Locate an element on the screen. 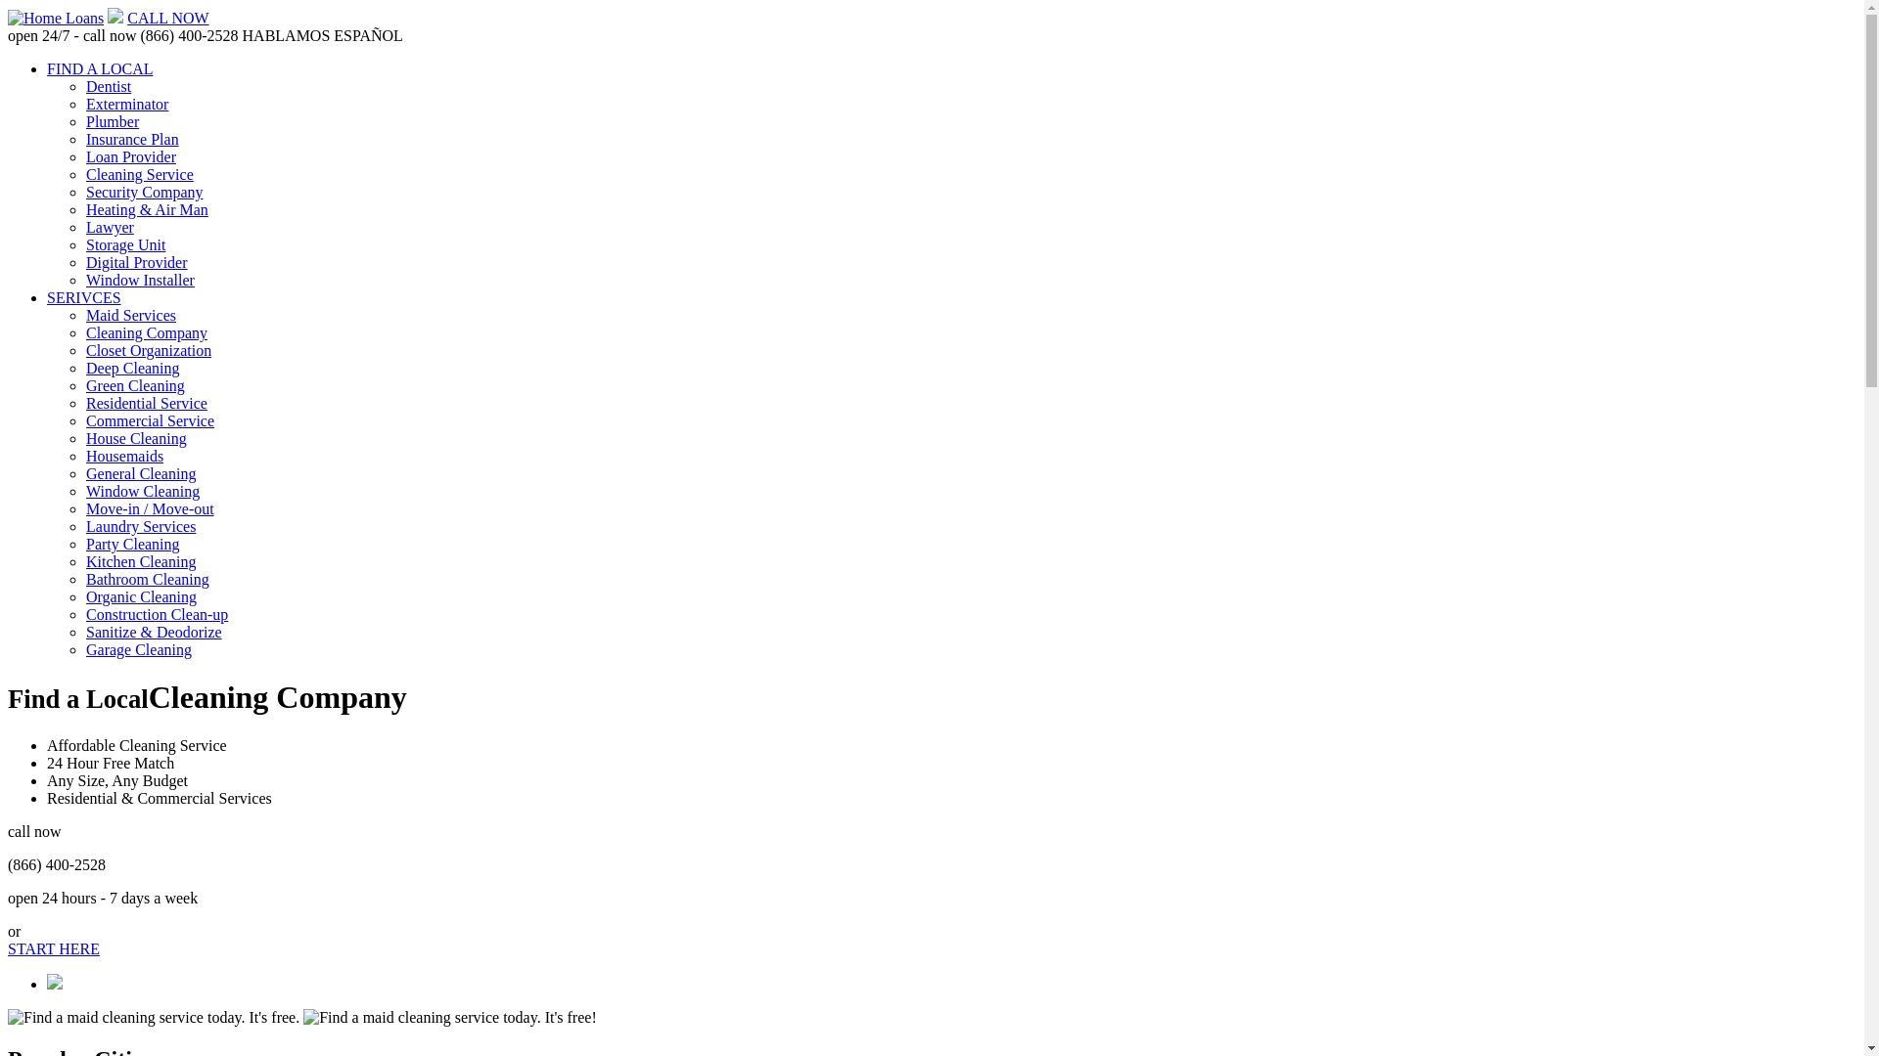  'Sanitize & Deodorize' is located at coordinates (153, 632).